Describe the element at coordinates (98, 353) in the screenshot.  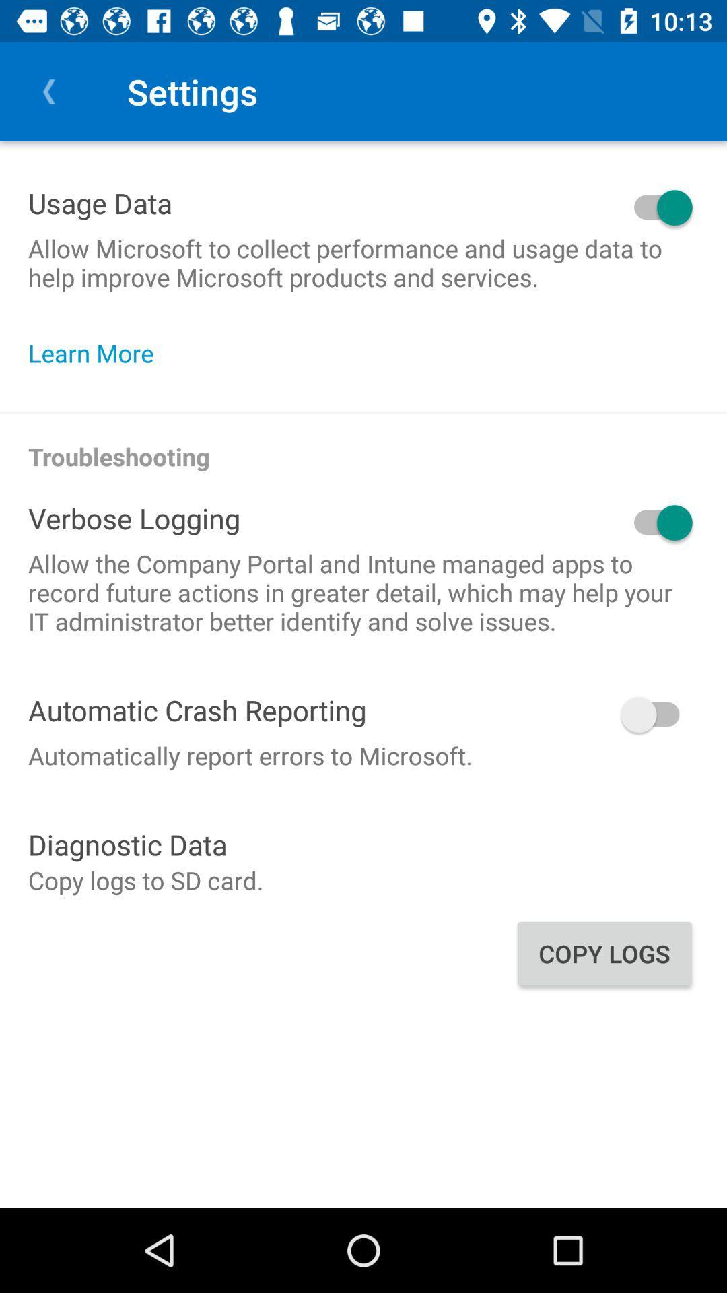
I see `learn more` at that location.